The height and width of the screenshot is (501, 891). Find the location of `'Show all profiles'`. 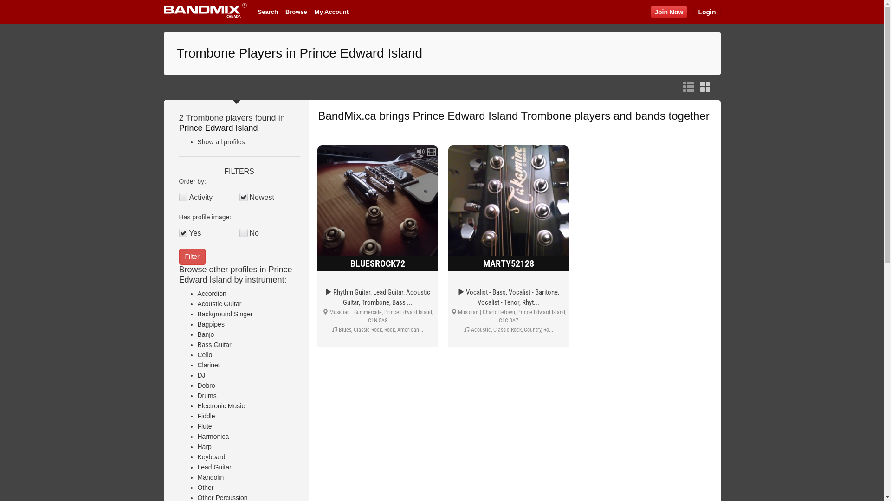

'Show all profiles' is located at coordinates (220, 141).